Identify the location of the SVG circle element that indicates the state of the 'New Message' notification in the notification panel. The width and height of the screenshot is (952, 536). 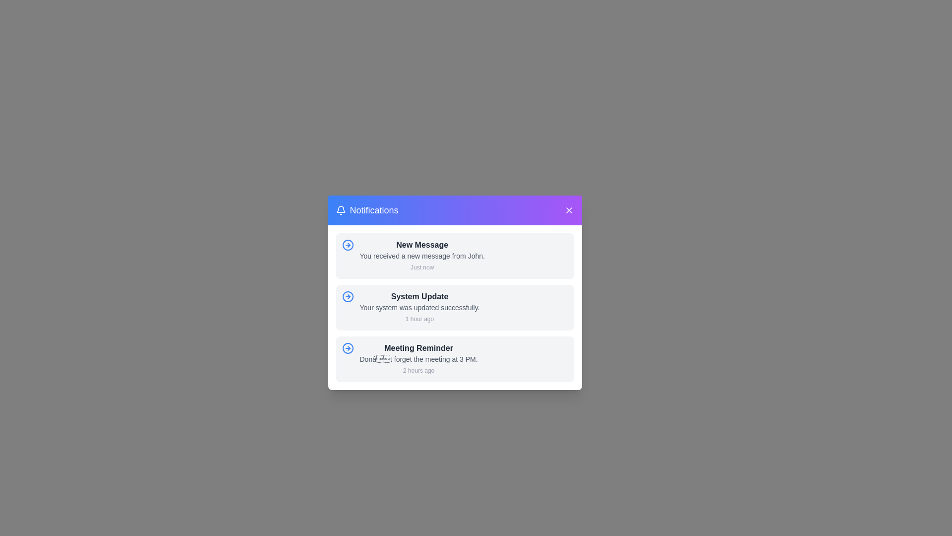
(348, 296).